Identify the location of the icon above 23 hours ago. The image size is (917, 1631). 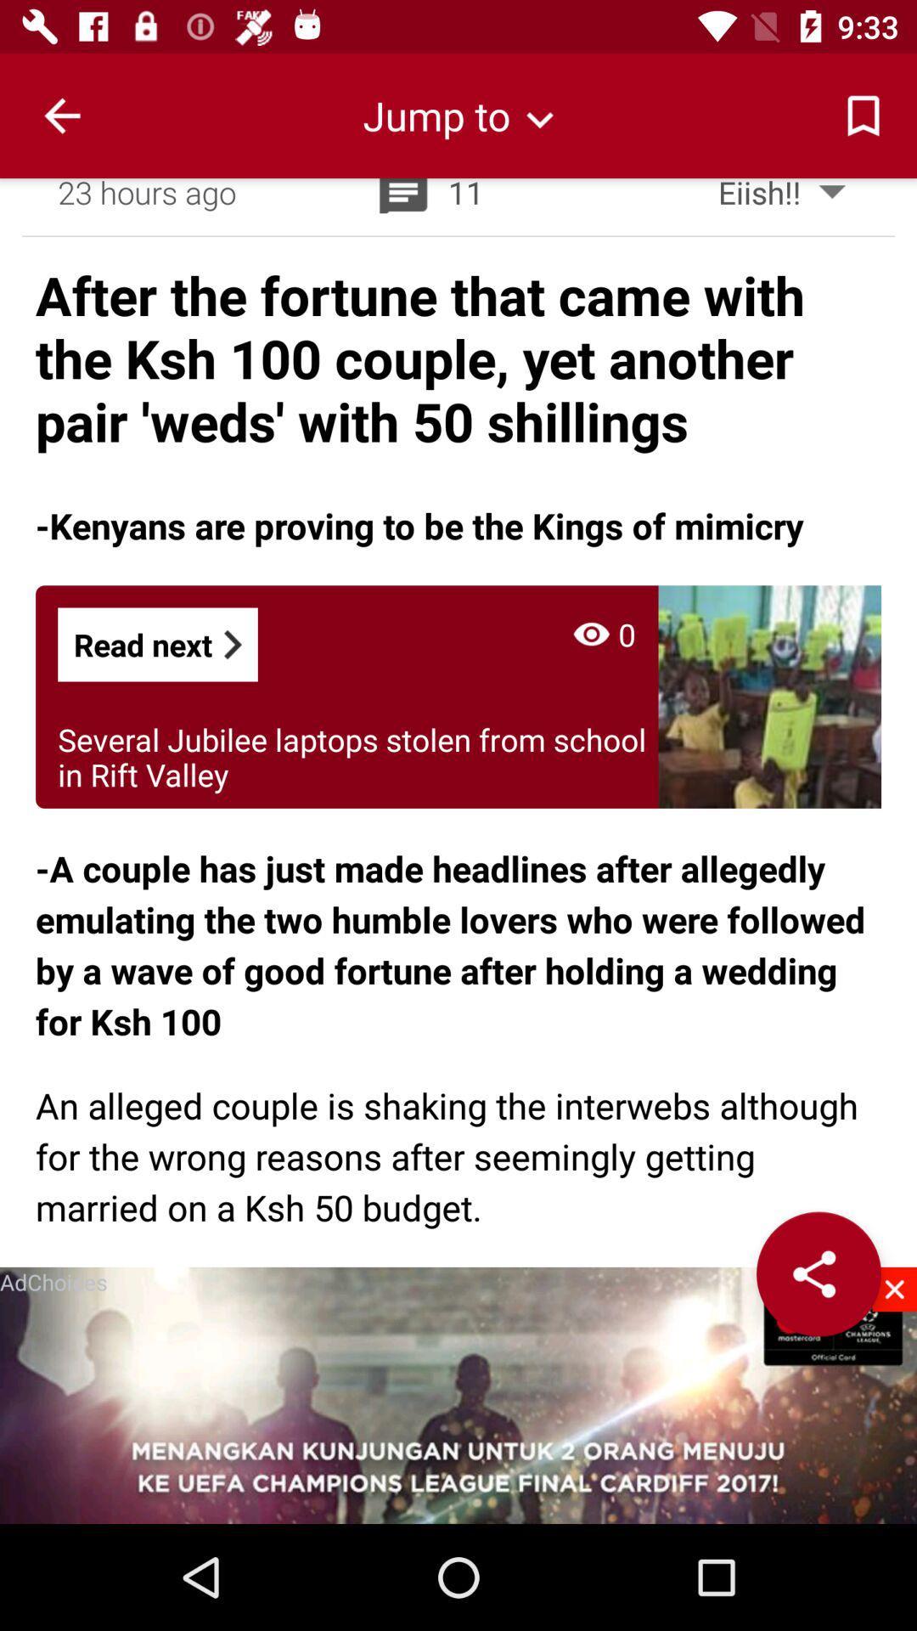
(61, 115).